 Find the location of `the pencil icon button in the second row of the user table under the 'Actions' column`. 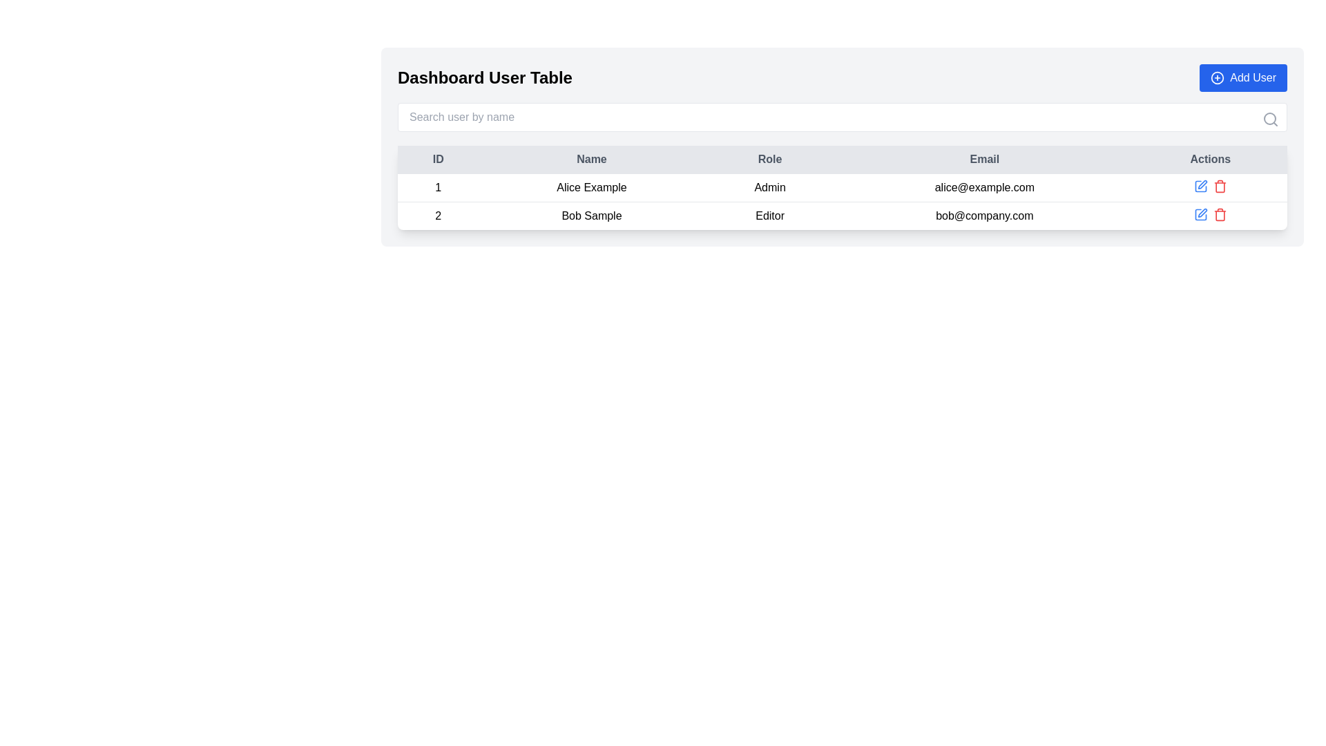

the pencil icon button in the second row of the user table under the 'Actions' column is located at coordinates (1202, 213).